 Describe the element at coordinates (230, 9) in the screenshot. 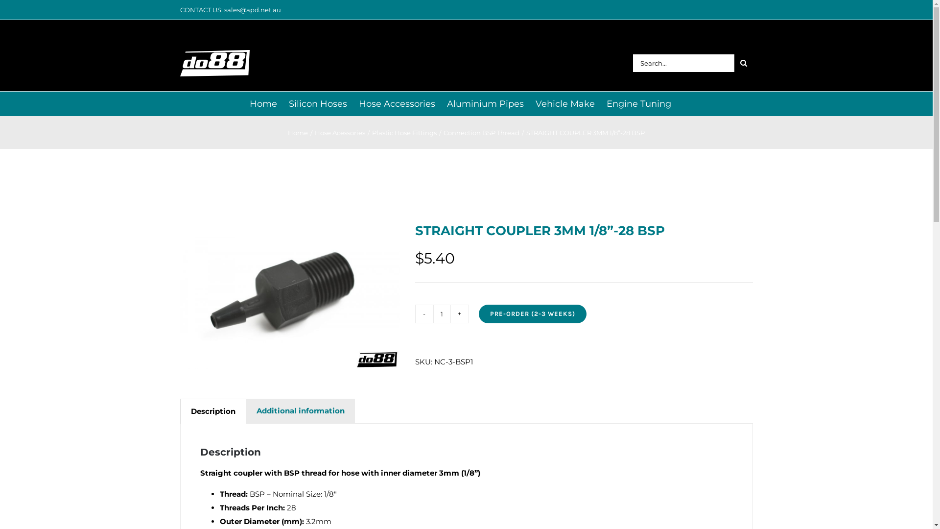

I see `'CONTACT US: sales@apd.net.au'` at that location.